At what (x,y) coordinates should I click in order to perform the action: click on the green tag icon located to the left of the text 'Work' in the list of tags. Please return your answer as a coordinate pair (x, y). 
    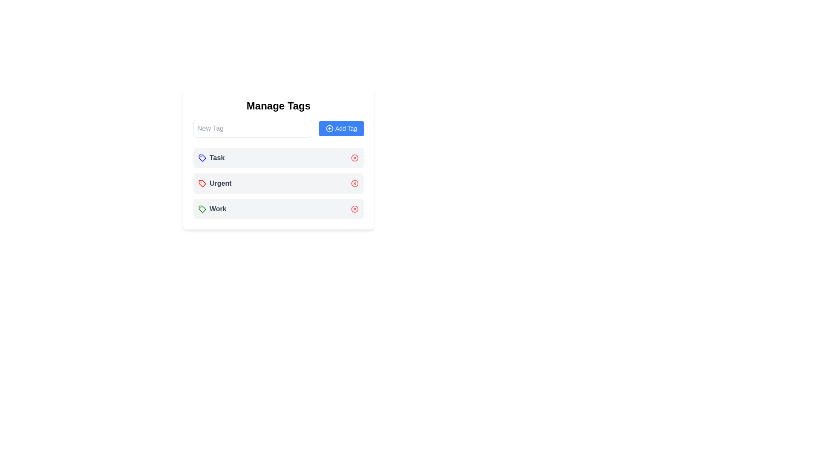
    Looking at the image, I should click on (202, 209).